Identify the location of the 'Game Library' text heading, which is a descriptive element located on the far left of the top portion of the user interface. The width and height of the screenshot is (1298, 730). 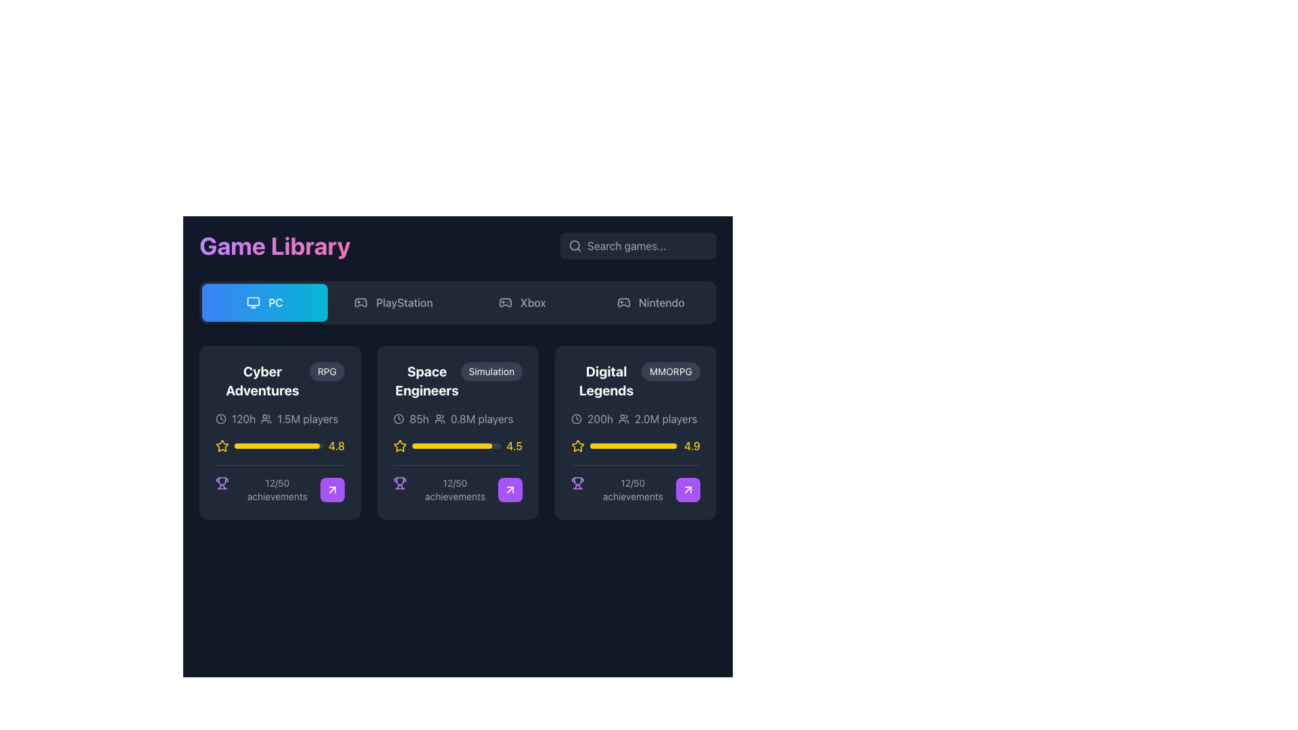
(274, 245).